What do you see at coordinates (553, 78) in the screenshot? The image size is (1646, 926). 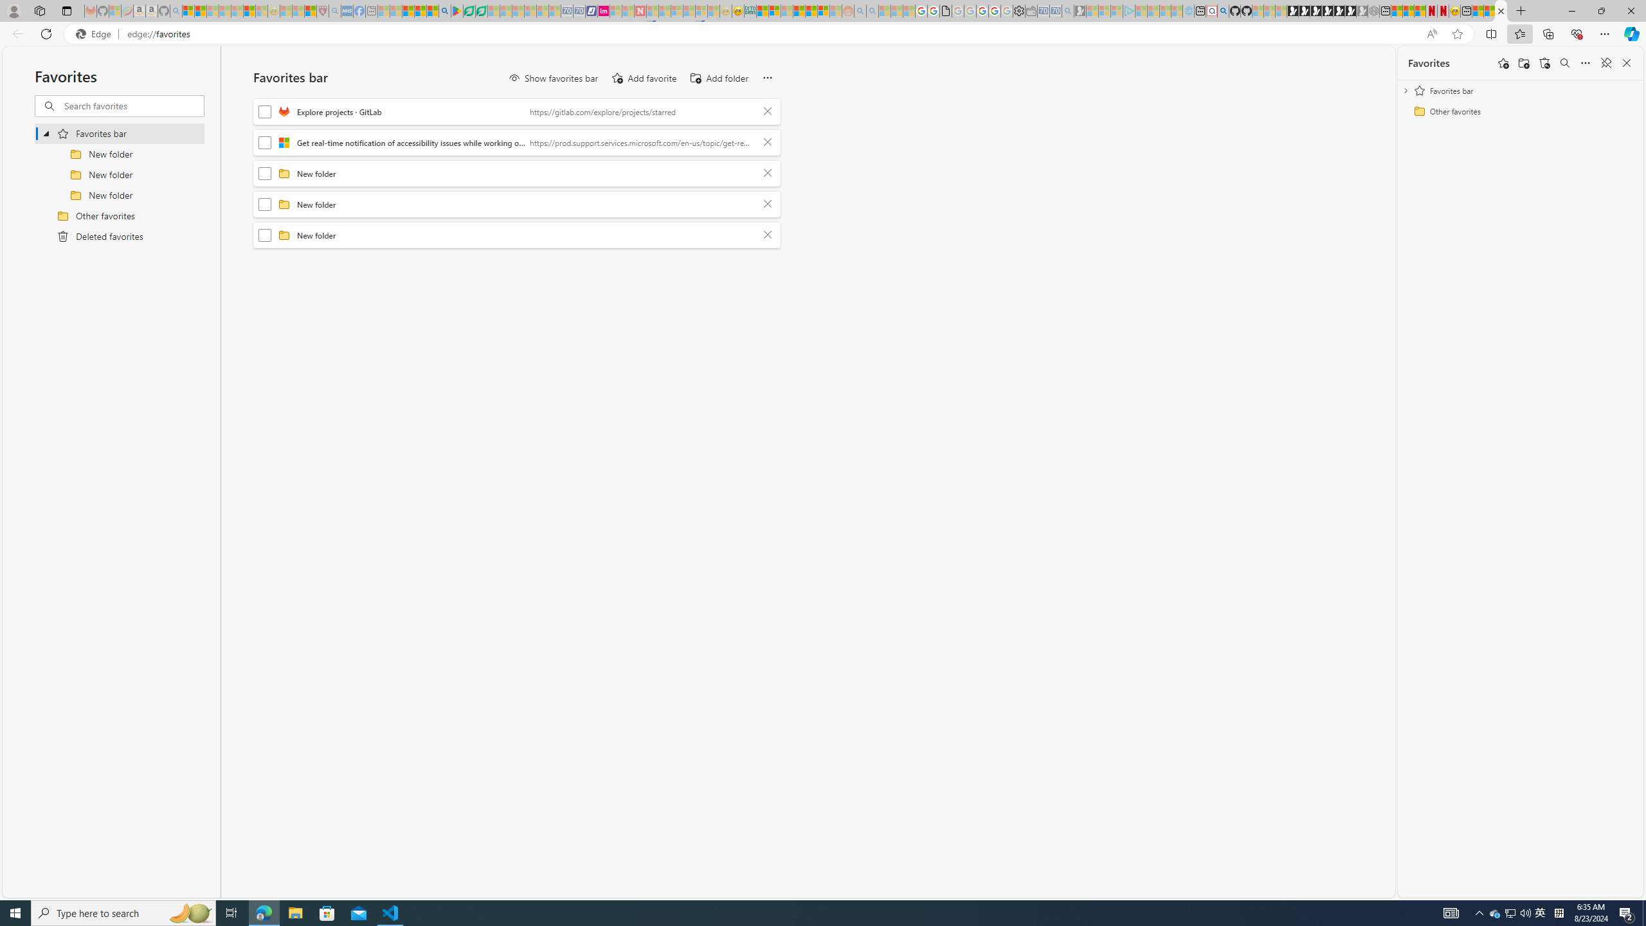 I see `'Show favorites bar'` at bounding box center [553, 78].